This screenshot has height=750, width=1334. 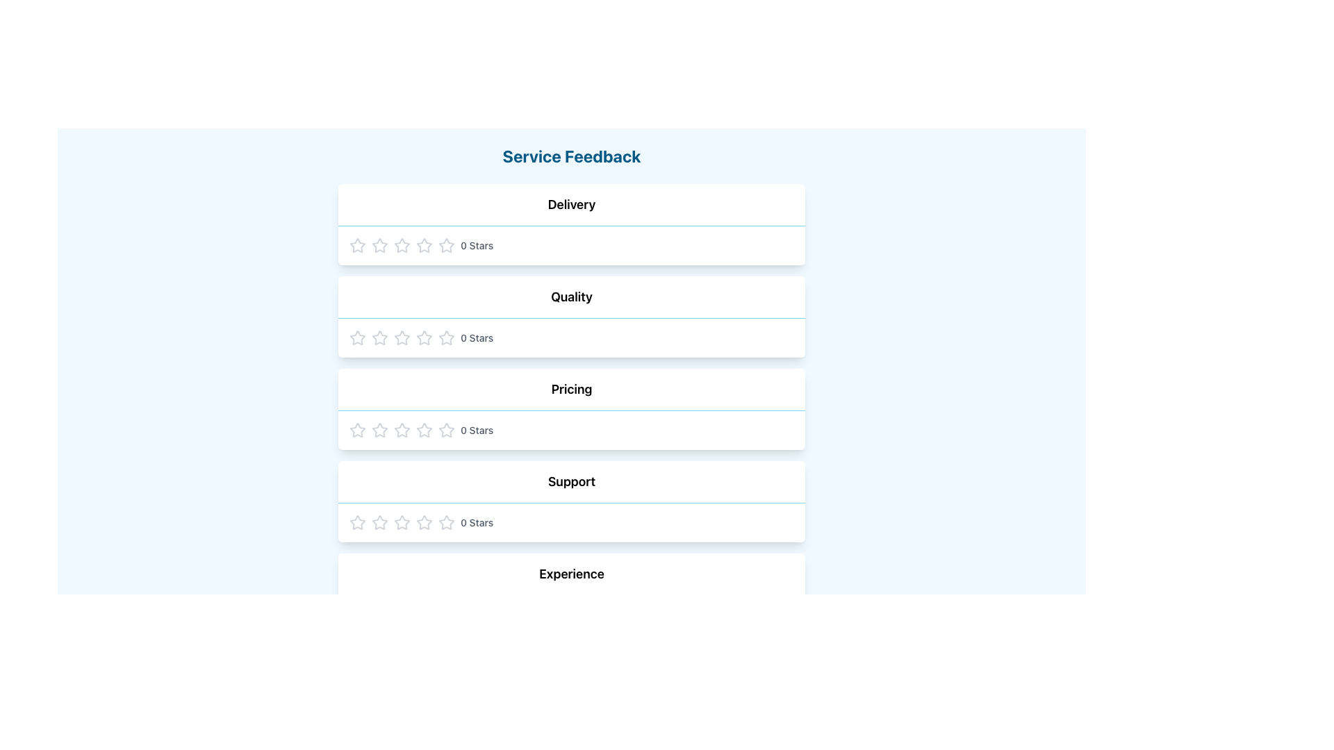 What do you see at coordinates (357, 522) in the screenshot?
I see `the first star-shaped icon in the rating system of the 'Support' feedback block` at bounding box center [357, 522].